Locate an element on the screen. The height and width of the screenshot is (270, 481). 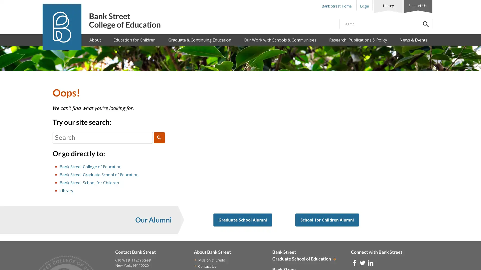
About is located at coordinates (95, 40).